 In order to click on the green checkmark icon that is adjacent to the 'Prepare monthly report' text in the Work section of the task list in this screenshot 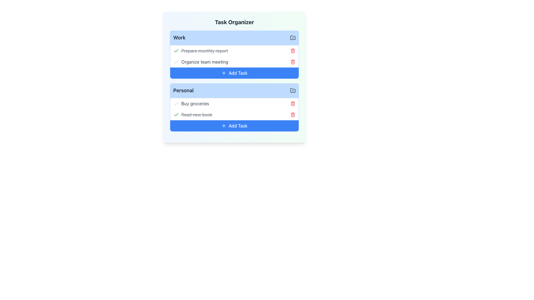, I will do `click(176, 51)`.